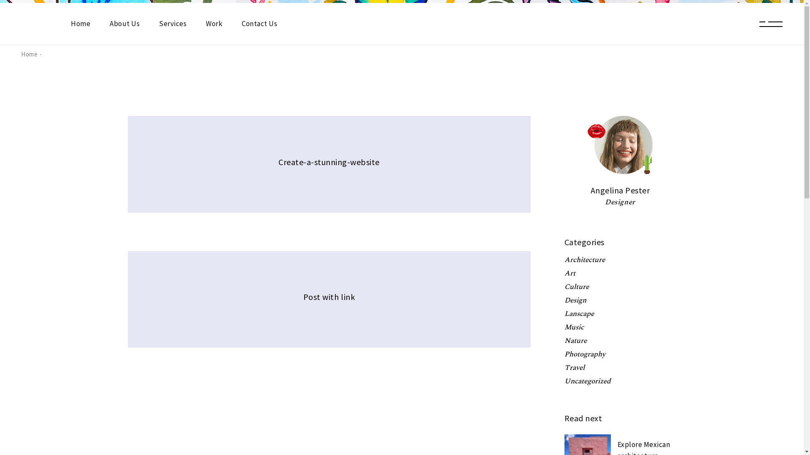 The image size is (810, 455). Describe the element at coordinates (413, 302) in the screenshot. I see `'Services'` at that location.